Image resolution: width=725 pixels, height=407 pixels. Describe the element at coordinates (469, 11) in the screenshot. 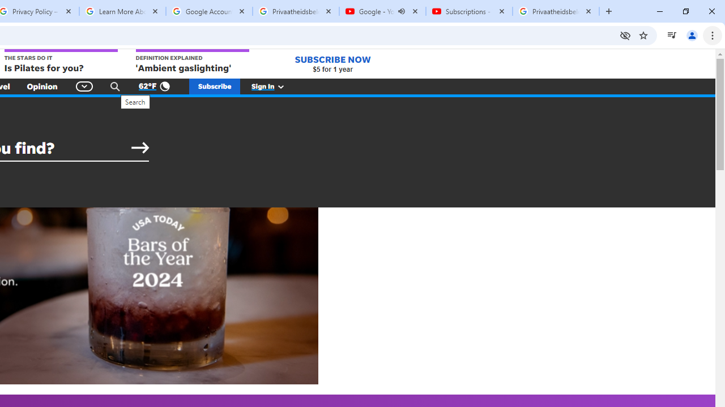

I see `'Subscriptions - YouTube'` at that location.